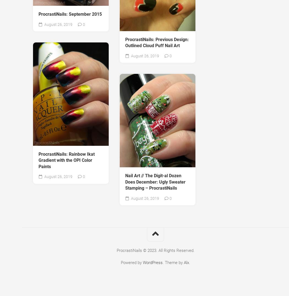  Describe the element at coordinates (153, 262) in the screenshot. I see `'WordPress'` at that location.